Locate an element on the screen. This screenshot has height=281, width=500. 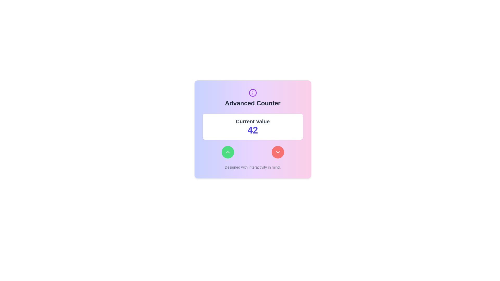
the circular red button with a white downward arrow icon located at the bottom-right of the primary card interface is located at coordinates (277, 152).